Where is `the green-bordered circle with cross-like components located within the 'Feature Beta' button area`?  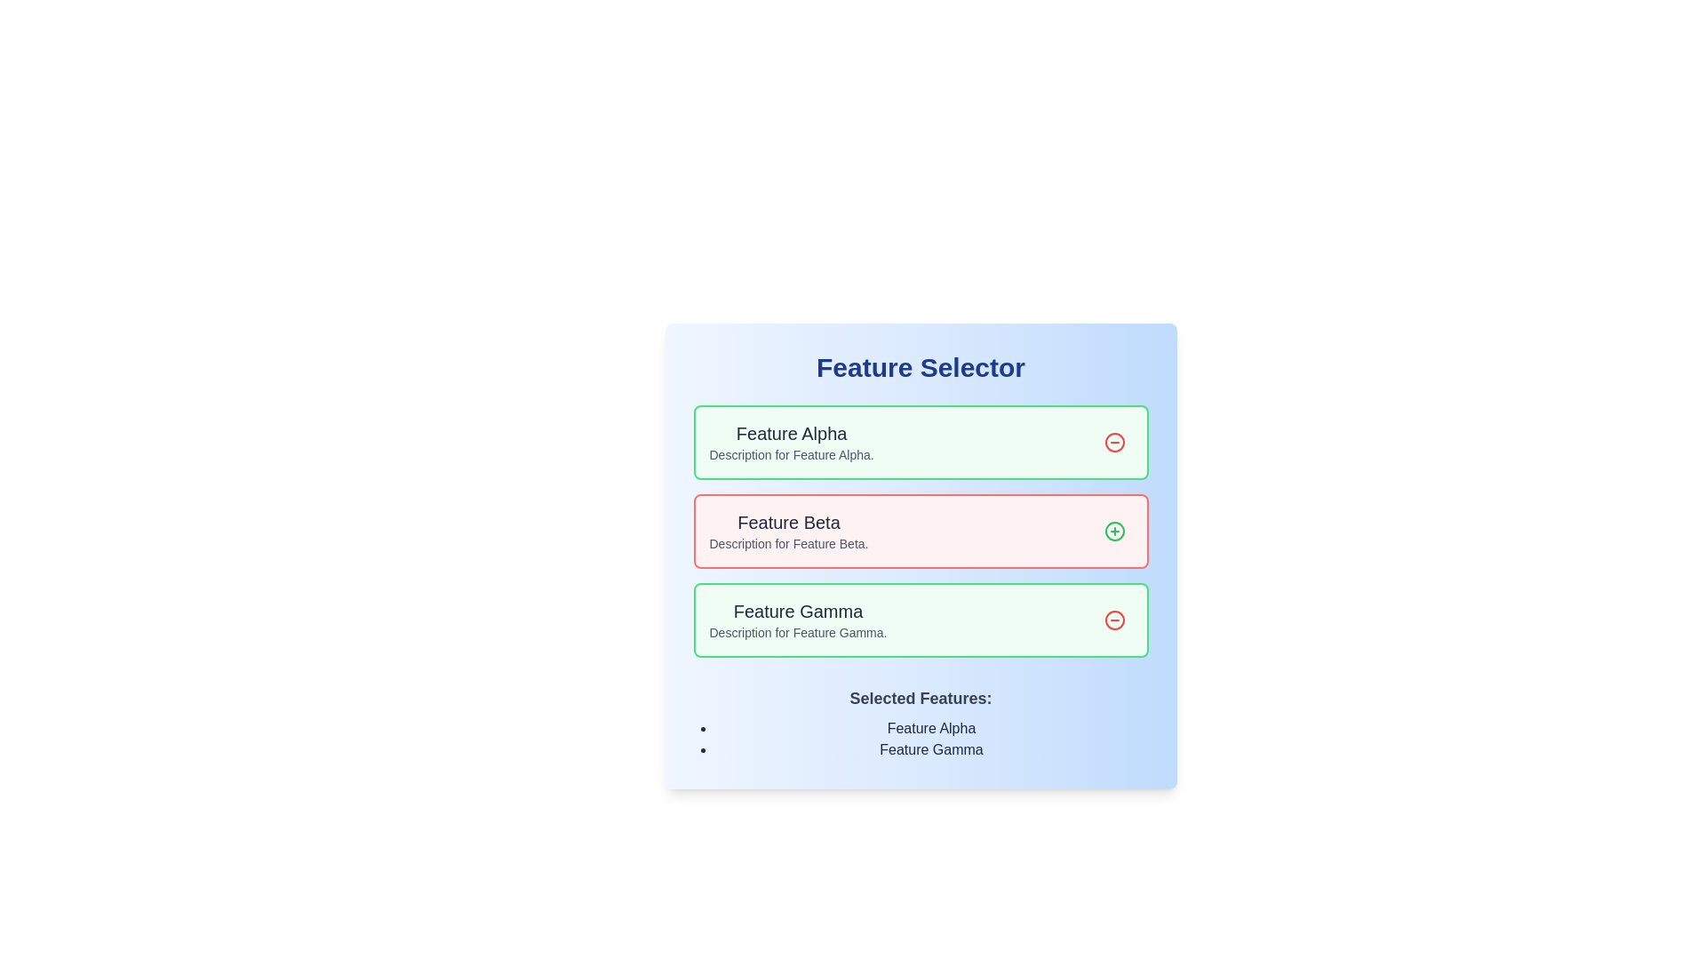
the green-bordered circle with cross-like components located within the 'Feature Beta' button area is located at coordinates (1113, 530).